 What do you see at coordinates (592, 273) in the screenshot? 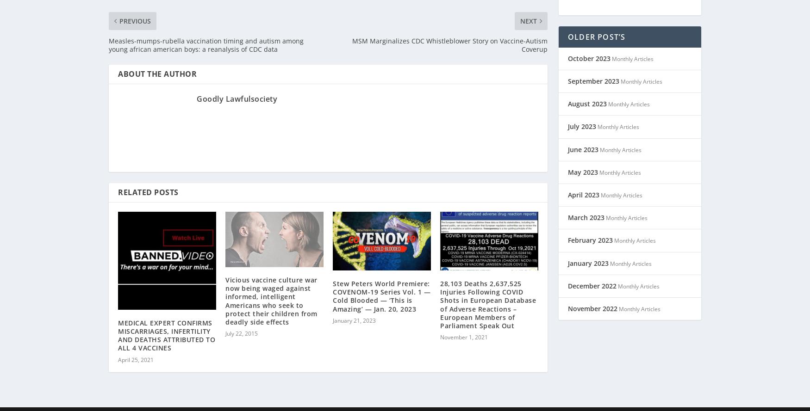
I see `'December 2022'` at bounding box center [592, 273].